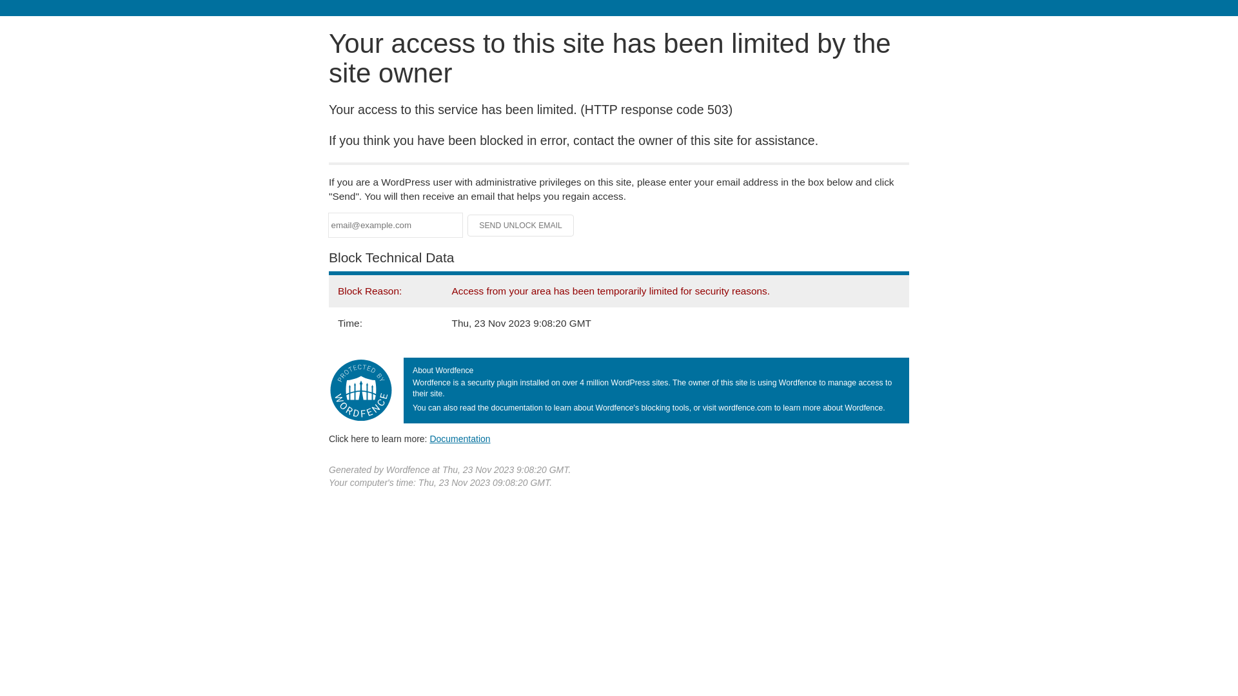  What do you see at coordinates (520, 225) in the screenshot?
I see `'Send Unlock Email'` at bounding box center [520, 225].